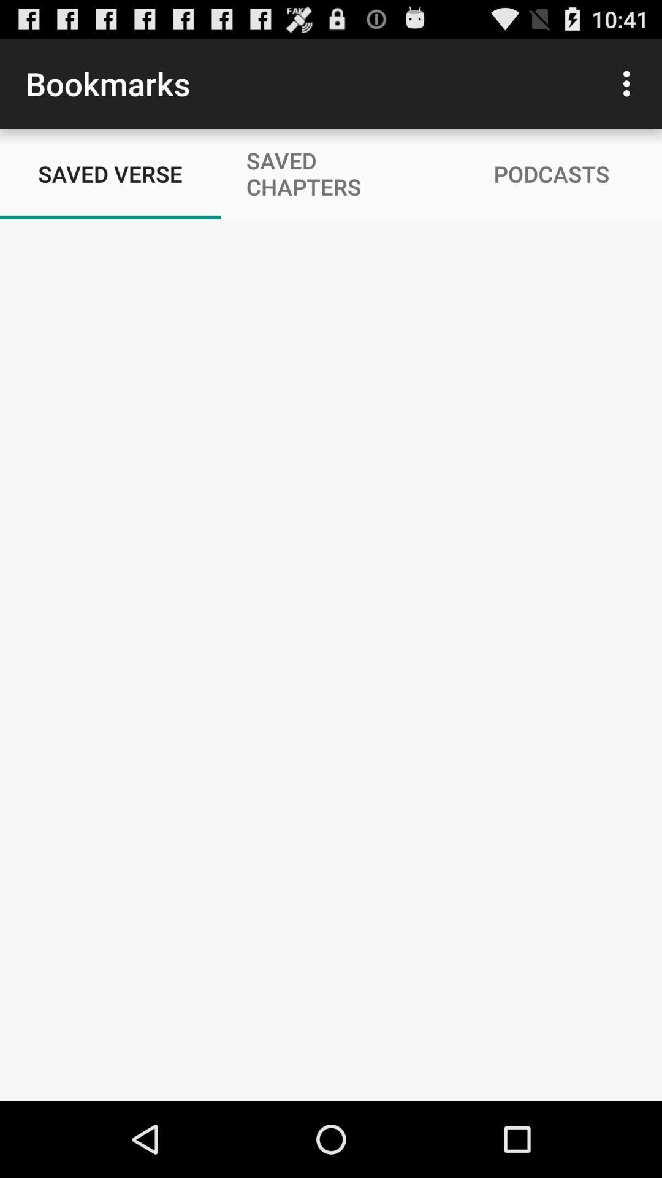 This screenshot has width=662, height=1178. I want to click on icon above podcasts icon, so click(630, 83).